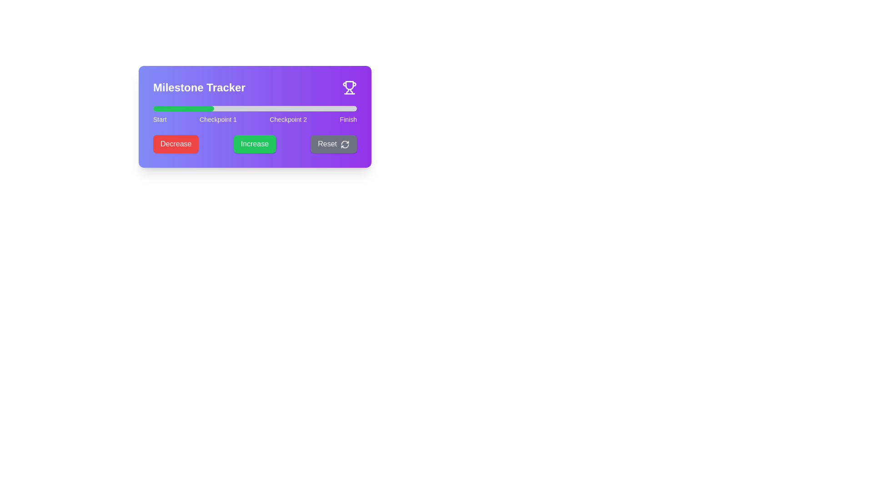 This screenshot has height=491, width=873. I want to click on the leftmost button labeled 'Decrease' to observe any hover effects, so click(176, 143).